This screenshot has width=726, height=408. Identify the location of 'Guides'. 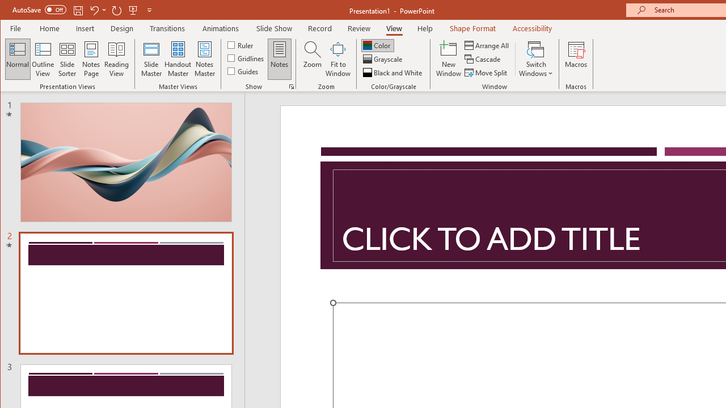
(243, 71).